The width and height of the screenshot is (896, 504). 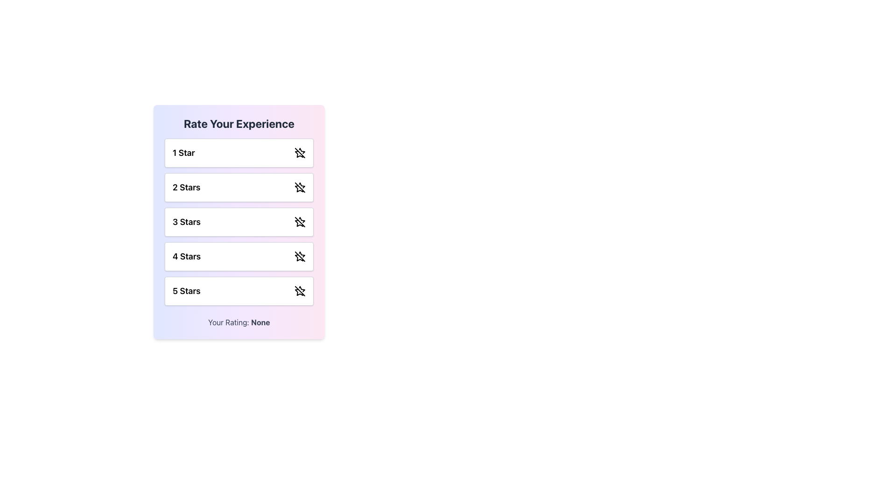 What do you see at coordinates (239, 322) in the screenshot?
I see `the static text element displaying the current rating selected by the user, located below the '5 Stars' text` at bounding box center [239, 322].